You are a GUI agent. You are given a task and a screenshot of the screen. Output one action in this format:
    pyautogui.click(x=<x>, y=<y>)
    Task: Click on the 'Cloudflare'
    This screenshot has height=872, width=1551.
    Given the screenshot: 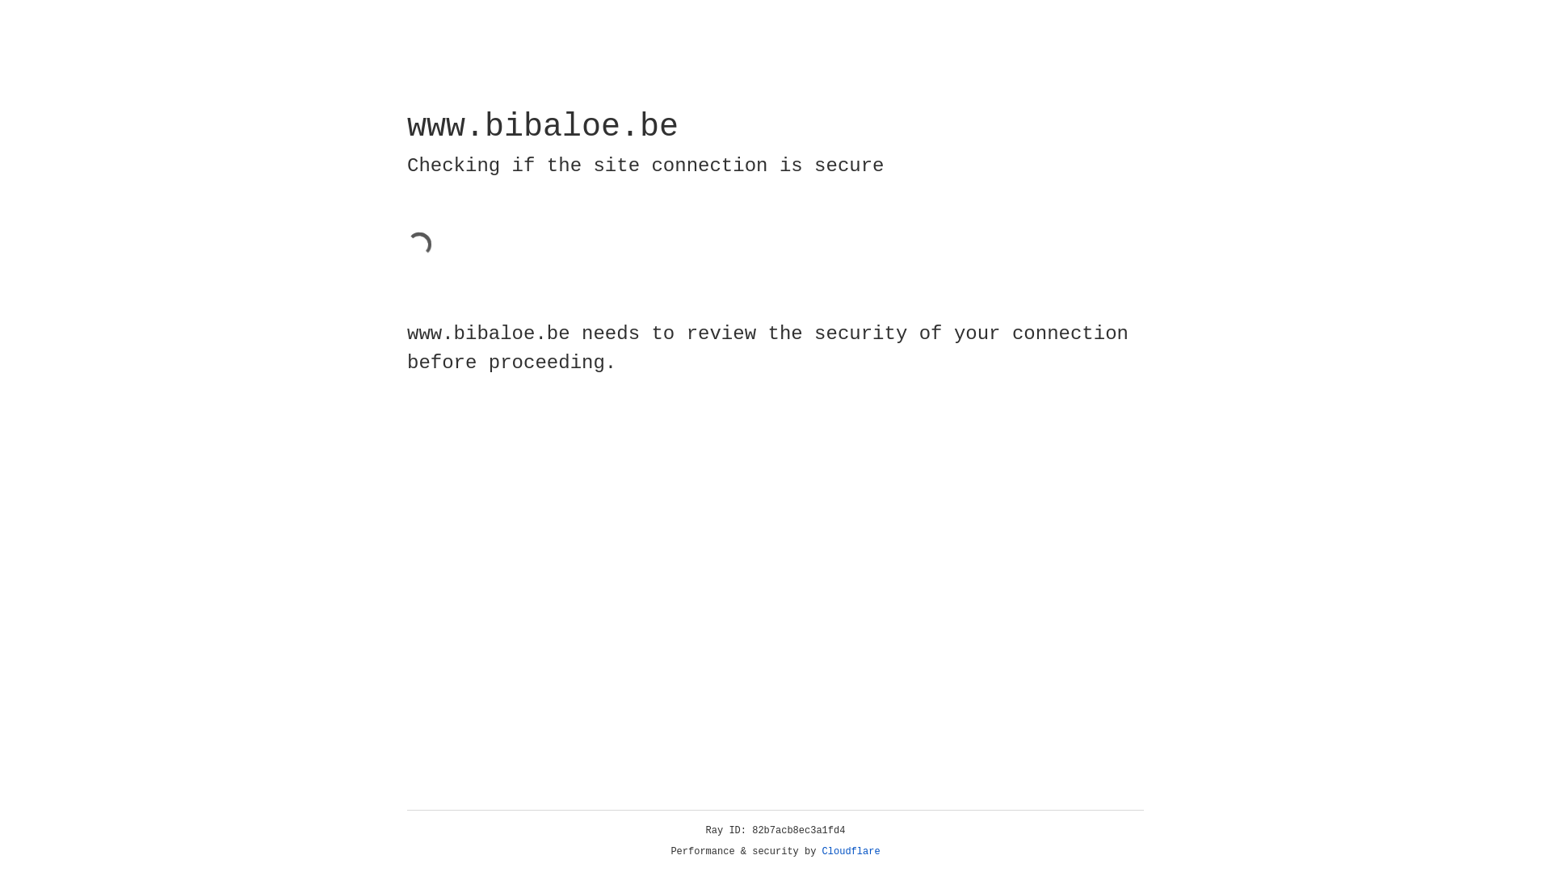 What is the action you would take?
    pyautogui.click(x=851, y=851)
    